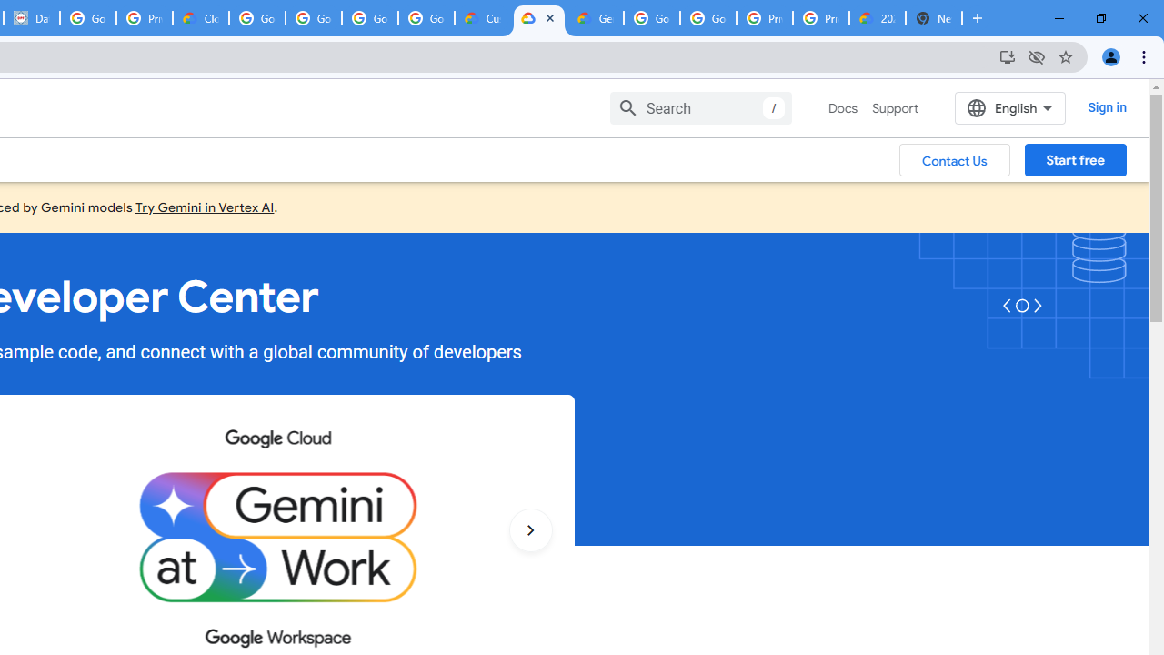 Image resolution: width=1164 pixels, height=655 pixels. What do you see at coordinates (1009, 107) in the screenshot?
I see `'English'` at bounding box center [1009, 107].